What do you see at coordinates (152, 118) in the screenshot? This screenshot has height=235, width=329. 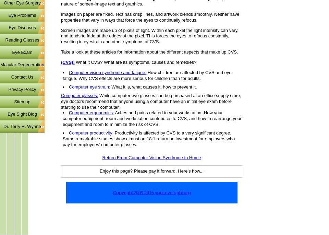 I see `'Aches and pains related to your workstation. How your computer equipment, room and workstation contributes to CVS, and how to rearrange your equipment and room to minimize the risk of CVS.'` at bounding box center [152, 118].